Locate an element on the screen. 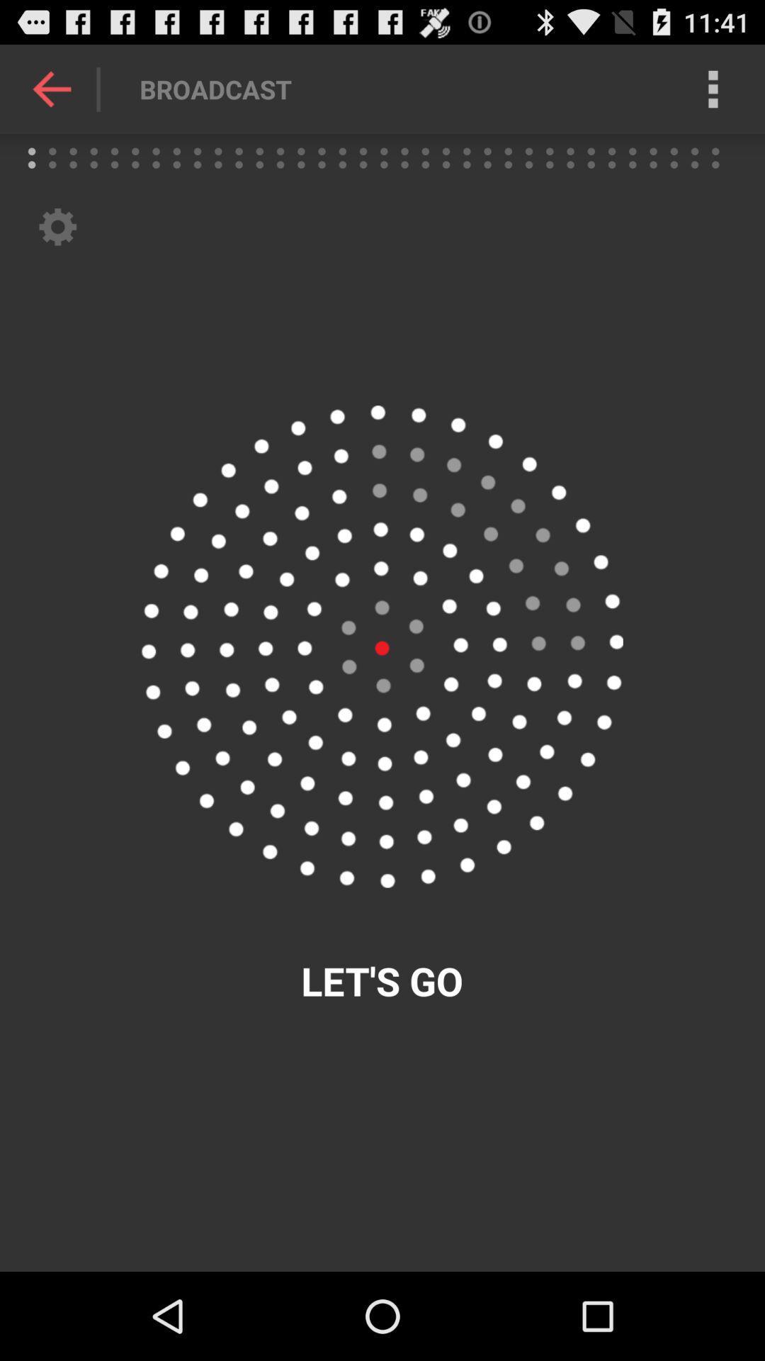 This screenshot has height=1361, width=765. click for sound is located at coordinates (381, 646).